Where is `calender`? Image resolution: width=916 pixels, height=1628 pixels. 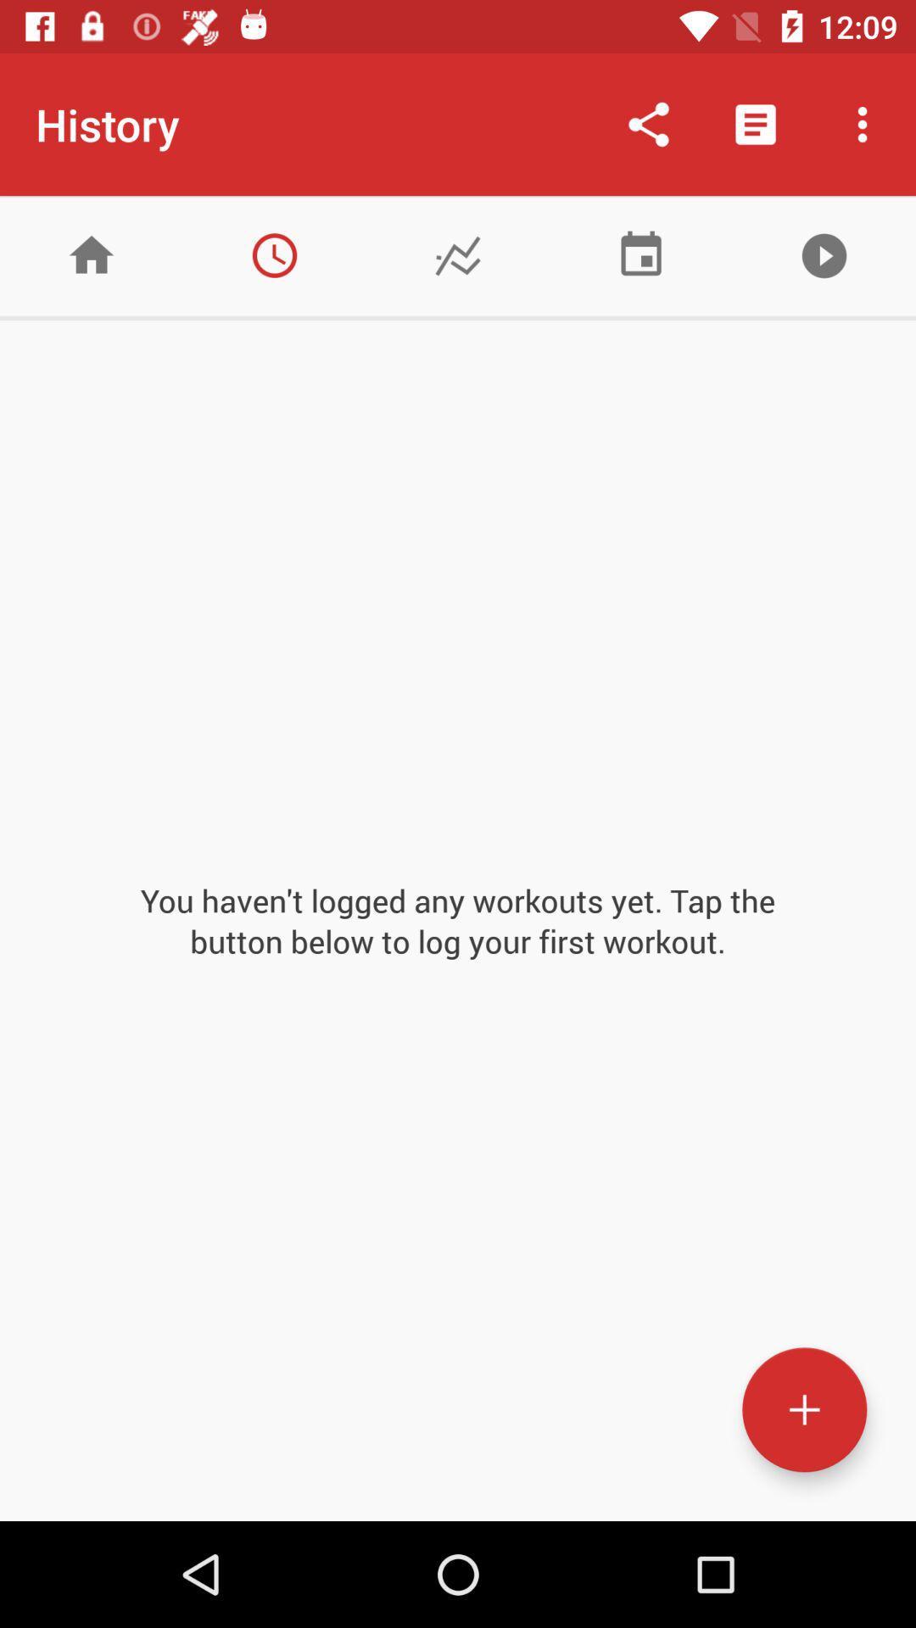 calender is located at coordinates (641, 254).